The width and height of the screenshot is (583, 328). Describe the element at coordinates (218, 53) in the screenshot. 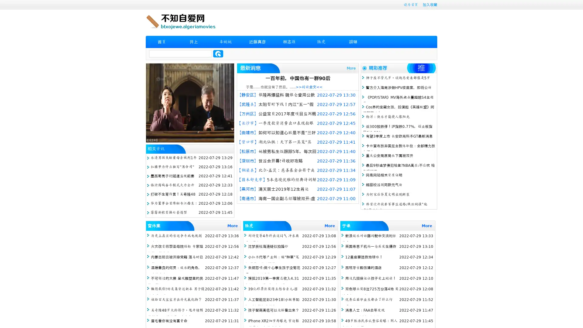

I see `Search` at that location.